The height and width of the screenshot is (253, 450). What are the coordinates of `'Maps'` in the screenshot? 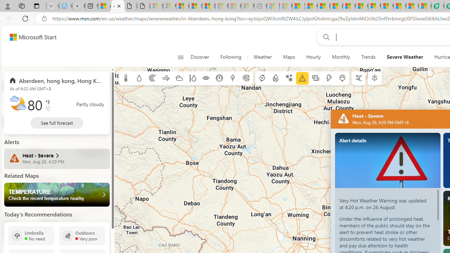 It's located at (289, 57).